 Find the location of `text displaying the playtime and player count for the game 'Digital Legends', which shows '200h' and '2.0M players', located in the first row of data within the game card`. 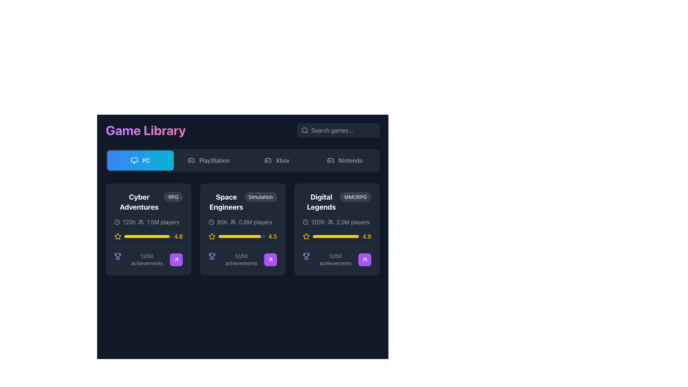

text displaying the playtime and player count for the game 'Digital Legends', which shows '200h' and '2.0M players', located in the first row of data within the game card is located at coordinates (336, 222).